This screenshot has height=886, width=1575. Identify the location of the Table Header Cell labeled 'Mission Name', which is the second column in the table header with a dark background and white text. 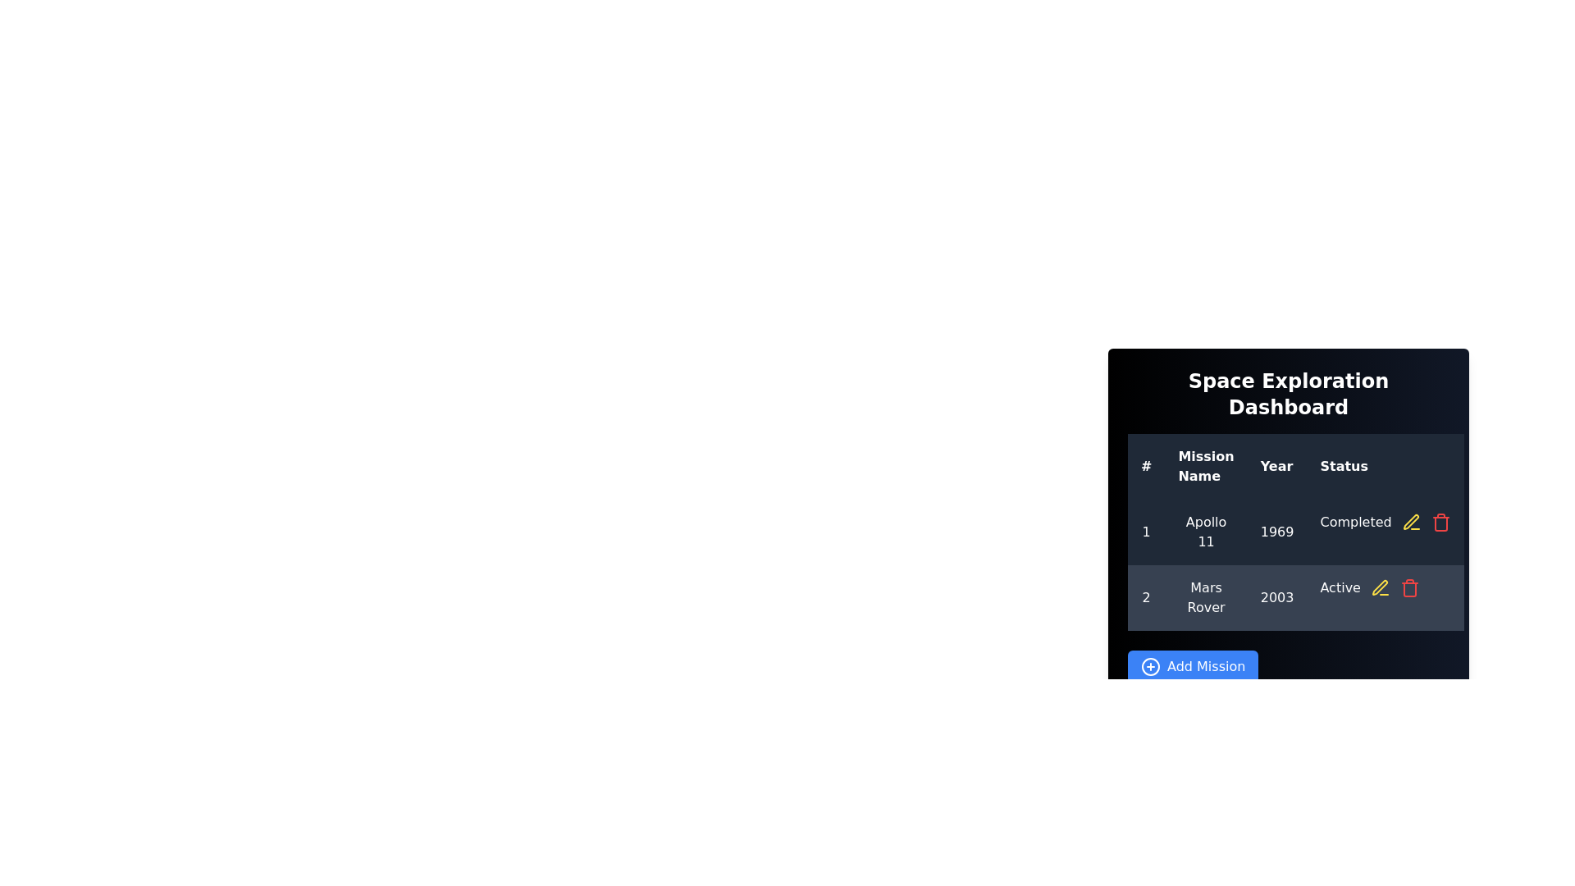
(1206, 467).